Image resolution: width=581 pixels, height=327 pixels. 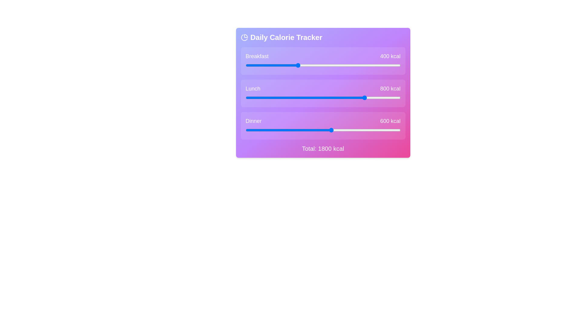 I want to click on the calorie value for breakfast, so click(x=377, y=65).